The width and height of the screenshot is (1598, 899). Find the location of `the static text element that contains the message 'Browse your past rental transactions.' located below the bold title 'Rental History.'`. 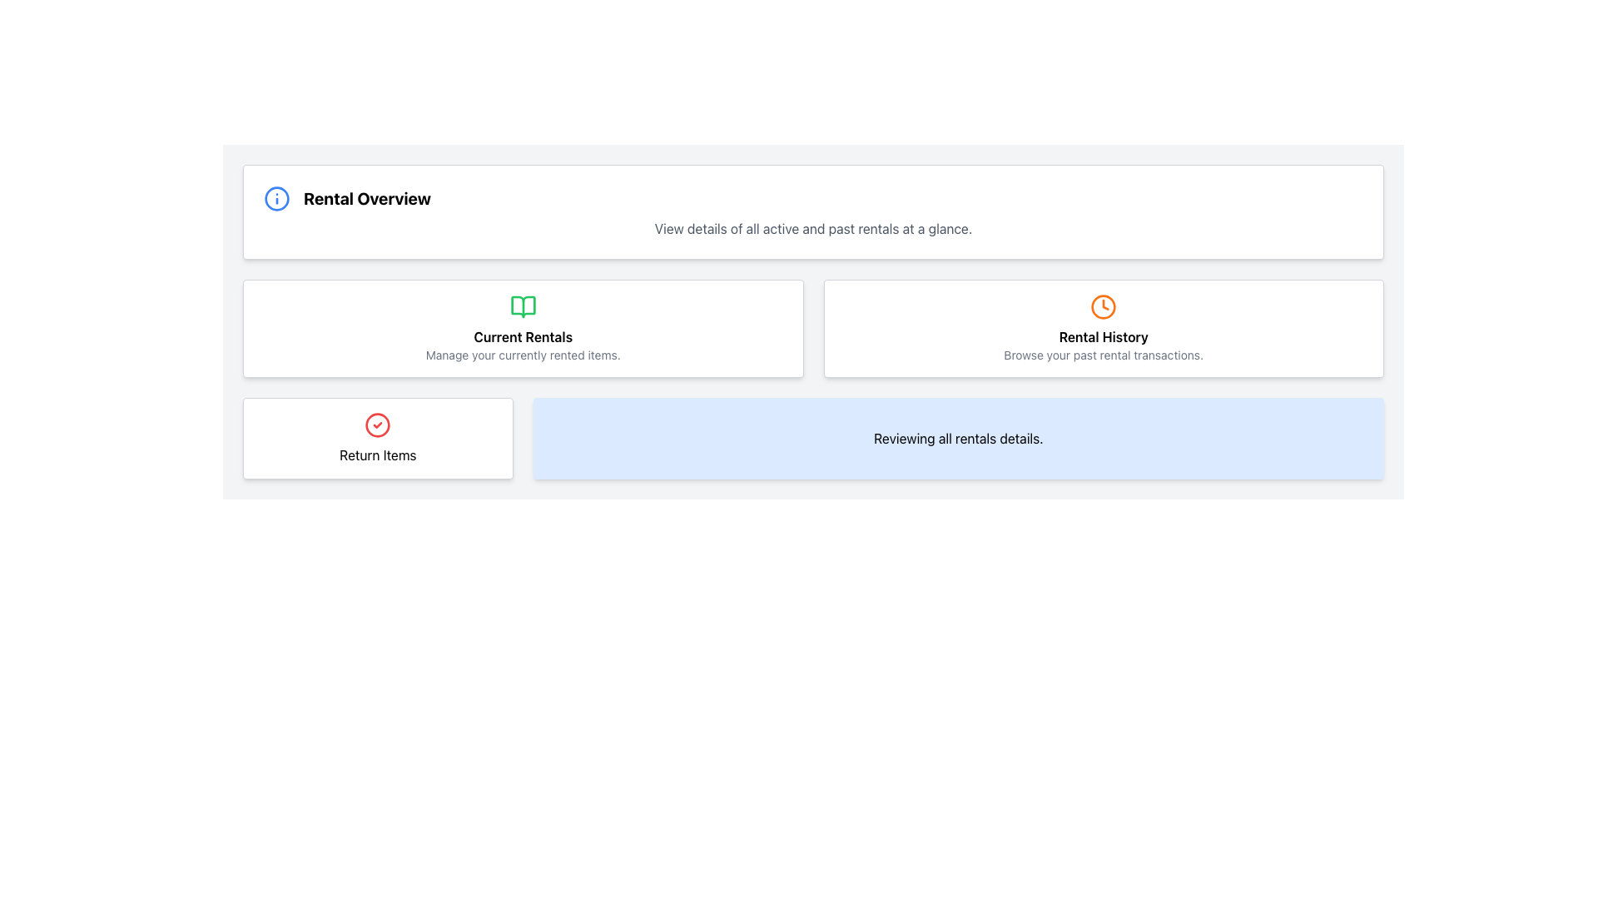

the static text element that contains the message 'Browse your past rental transactions.' located below the bold title 'Rental History.' is located at coordinates (1104, 355).